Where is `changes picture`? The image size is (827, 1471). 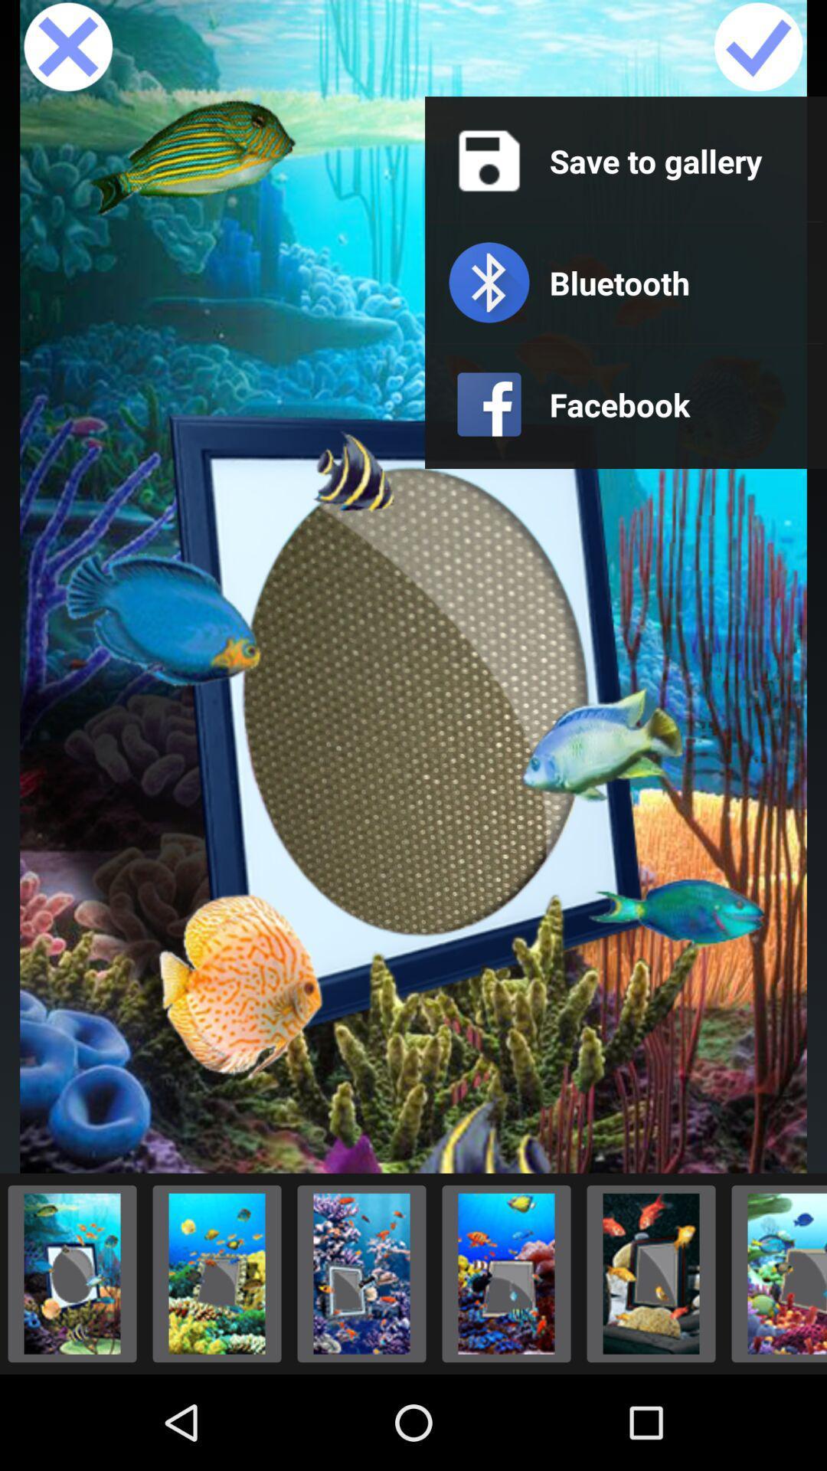 changes picture is located at coordinates (361, 1273).